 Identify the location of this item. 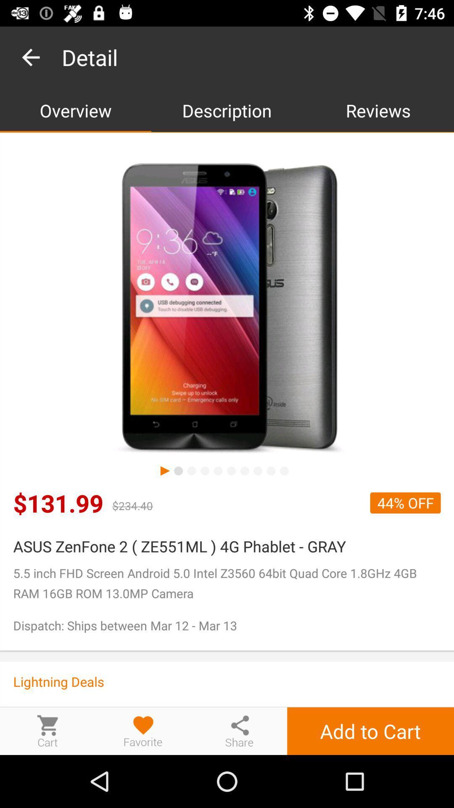
(143, 731).